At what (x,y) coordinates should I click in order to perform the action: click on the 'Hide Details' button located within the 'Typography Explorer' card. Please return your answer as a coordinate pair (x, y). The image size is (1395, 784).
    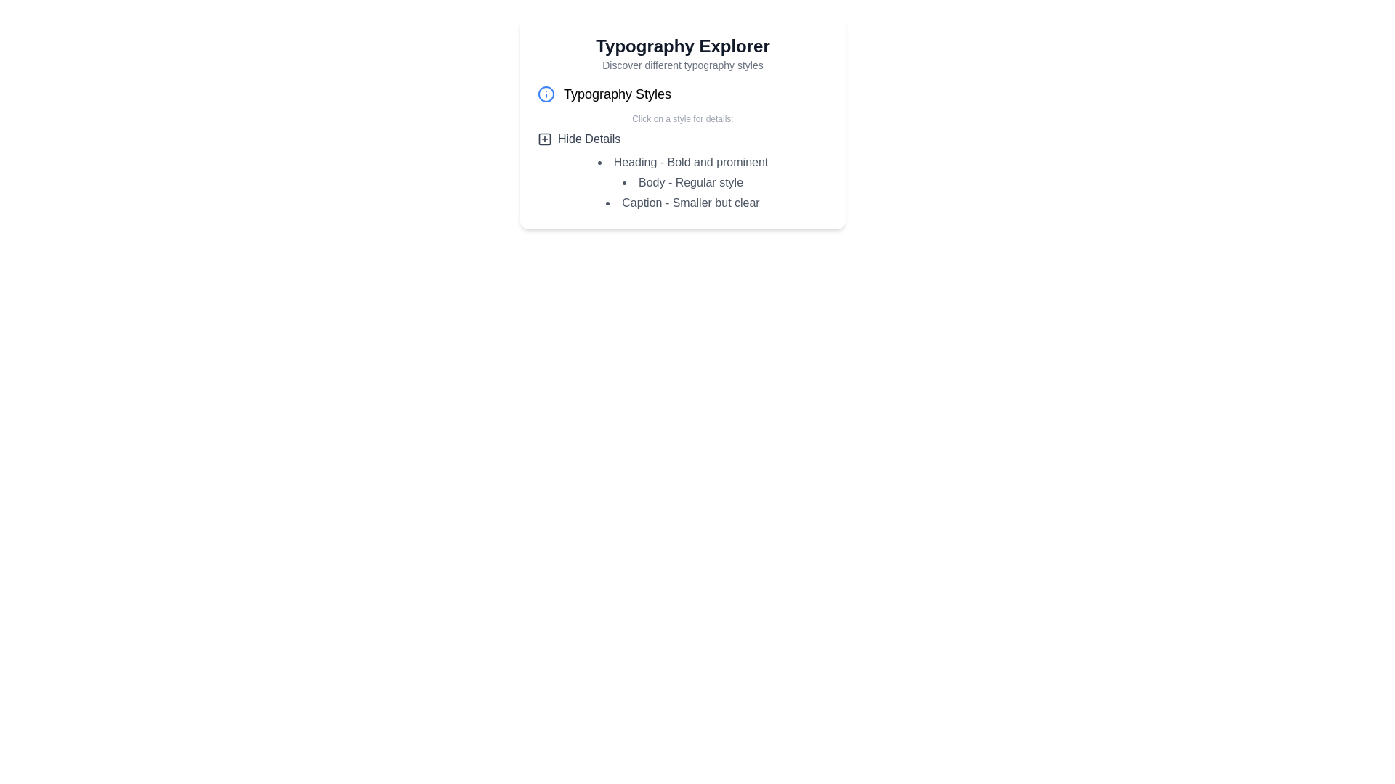
    Looking at the image, I should click on (578, 139).